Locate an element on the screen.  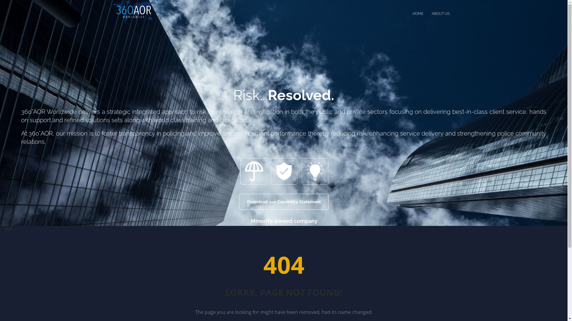
'HOME' is located at coordinates (417, 13).